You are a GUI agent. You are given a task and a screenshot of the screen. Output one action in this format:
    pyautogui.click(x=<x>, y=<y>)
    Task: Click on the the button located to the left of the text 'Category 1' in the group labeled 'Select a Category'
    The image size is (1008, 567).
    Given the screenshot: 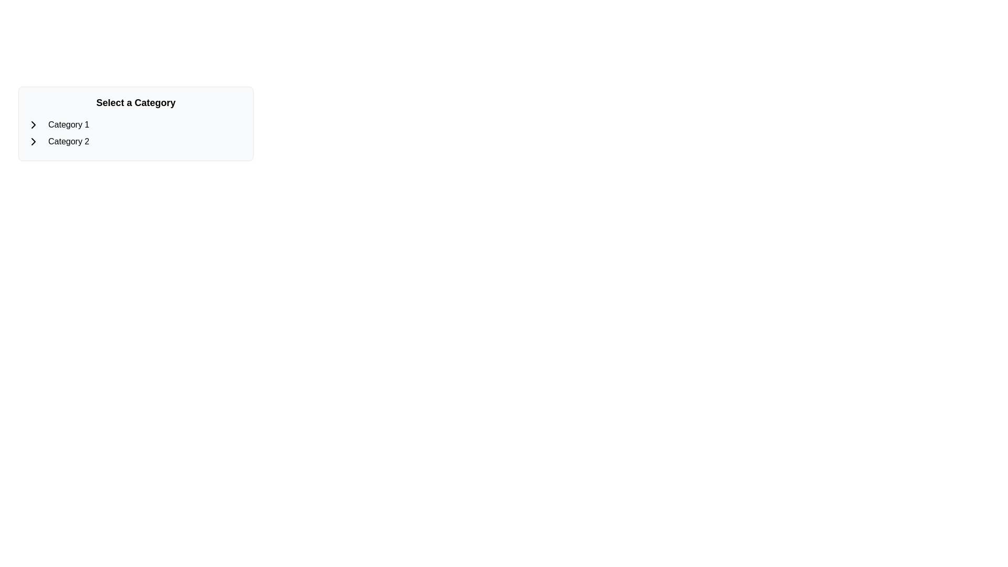 What is the action you would take?
    pyautogui.click(x=33, y=124)
    